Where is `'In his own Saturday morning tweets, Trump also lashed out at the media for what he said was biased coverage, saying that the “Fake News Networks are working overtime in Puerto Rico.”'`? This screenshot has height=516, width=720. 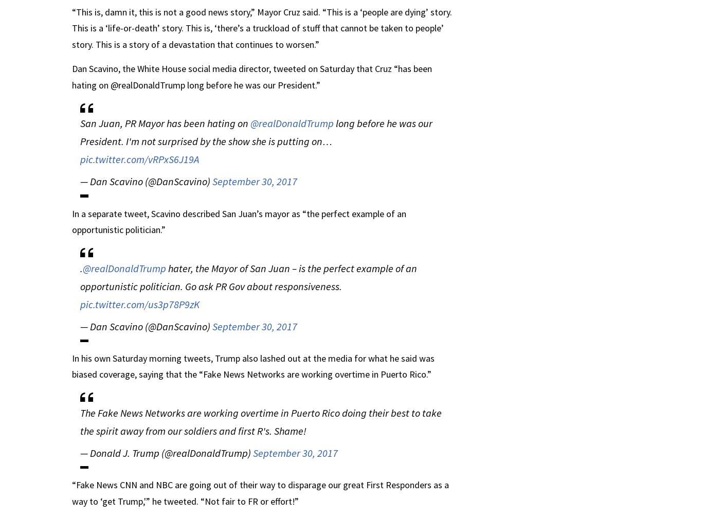 'In his own Saturday morning tweets, Trump also lashed out at the media for what he said was biased coverage, saying that the “Fake News Networks are working overtime in Puerto Rico.”' is located at coordinates (253, 365).